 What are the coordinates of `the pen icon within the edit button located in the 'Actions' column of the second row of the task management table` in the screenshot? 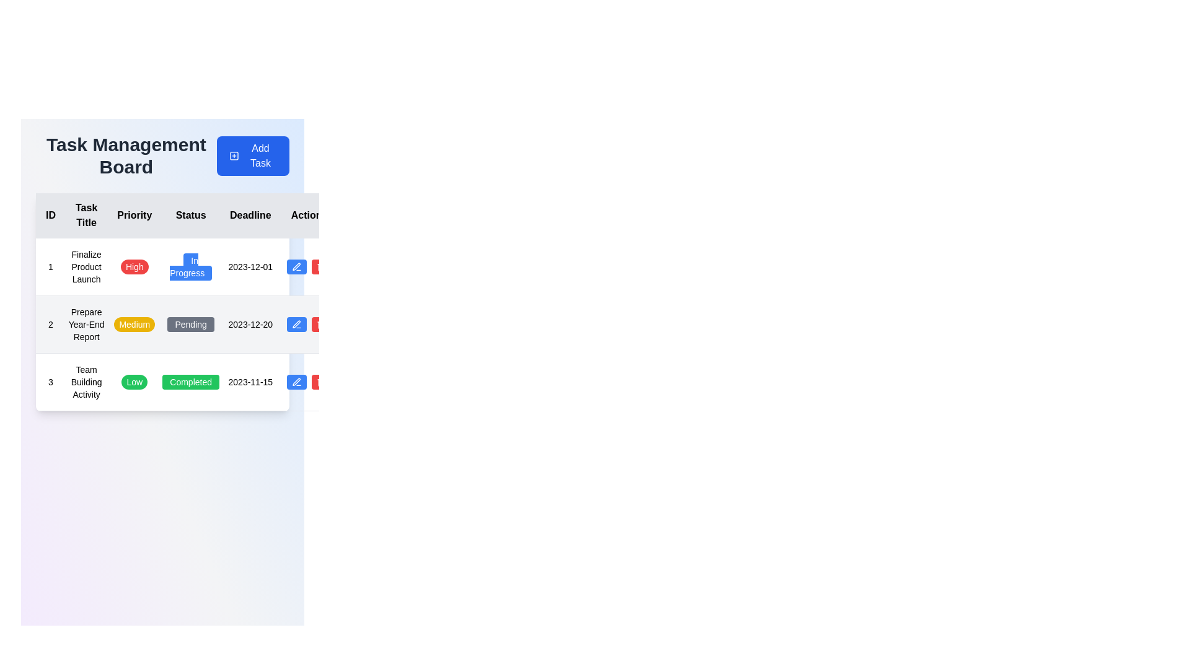 It's located at (296, 324).